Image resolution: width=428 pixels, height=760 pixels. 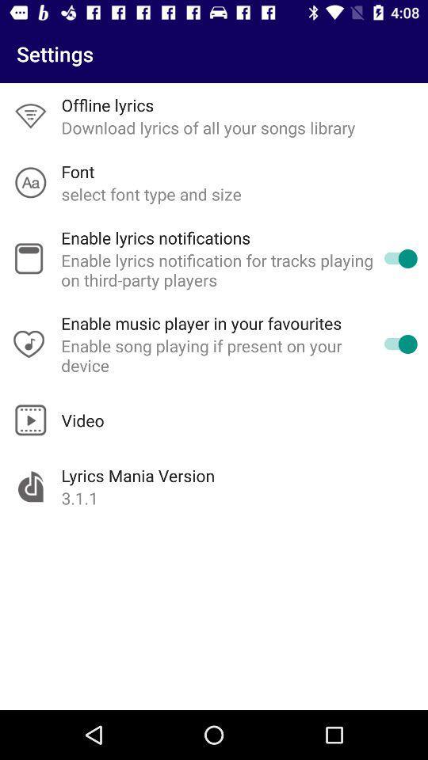 What do you see at coordinates (201, 322) in the screenshot?
I see `enable music player app` at bounding box center [201, 322].